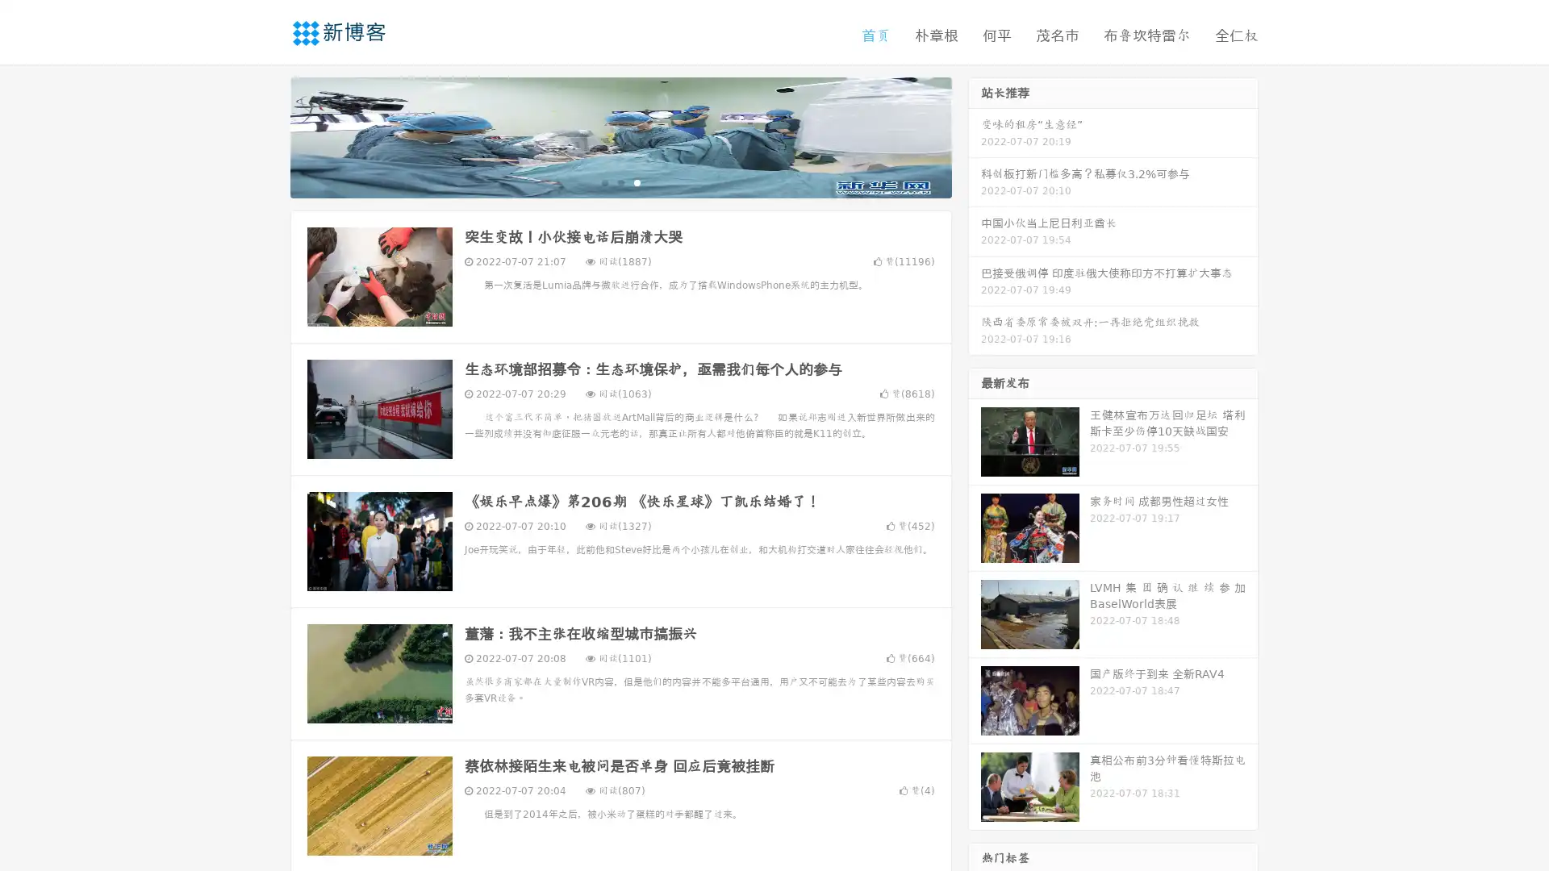 The height and width of the screenshot is (871, 1549). Describe the element at coordinates (620, 181) in the screenshot. I see `Go to slide 2` at that location.